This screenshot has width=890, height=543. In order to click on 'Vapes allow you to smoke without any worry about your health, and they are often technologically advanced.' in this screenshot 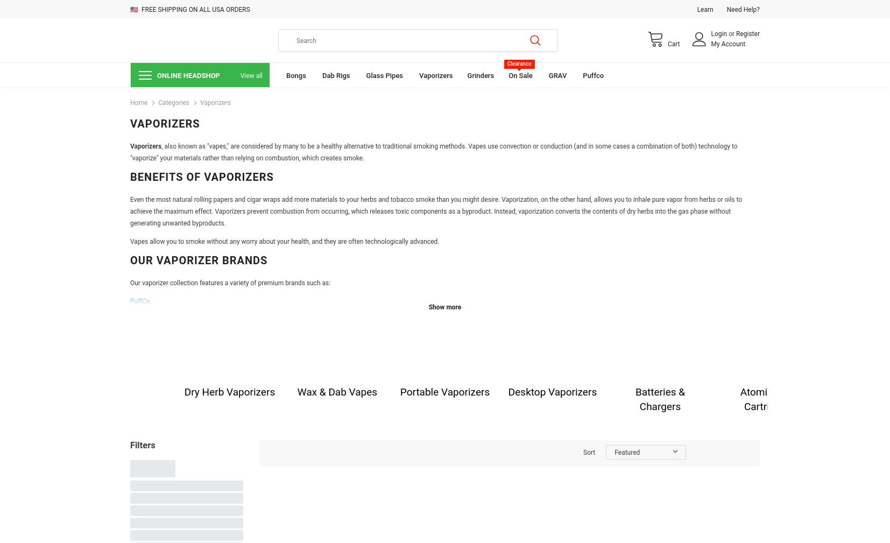, I will do `click(284, 241)`.